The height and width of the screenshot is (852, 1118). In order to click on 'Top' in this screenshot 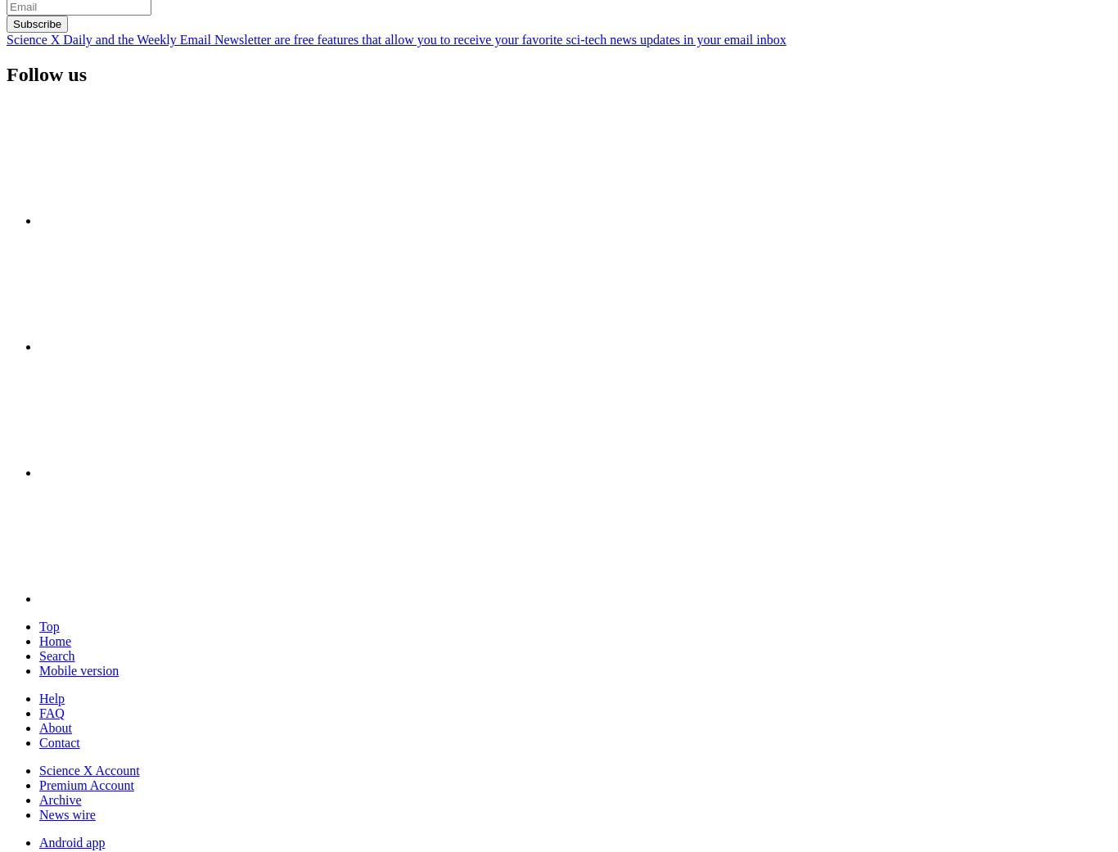, I will do `click(48, 625)`.